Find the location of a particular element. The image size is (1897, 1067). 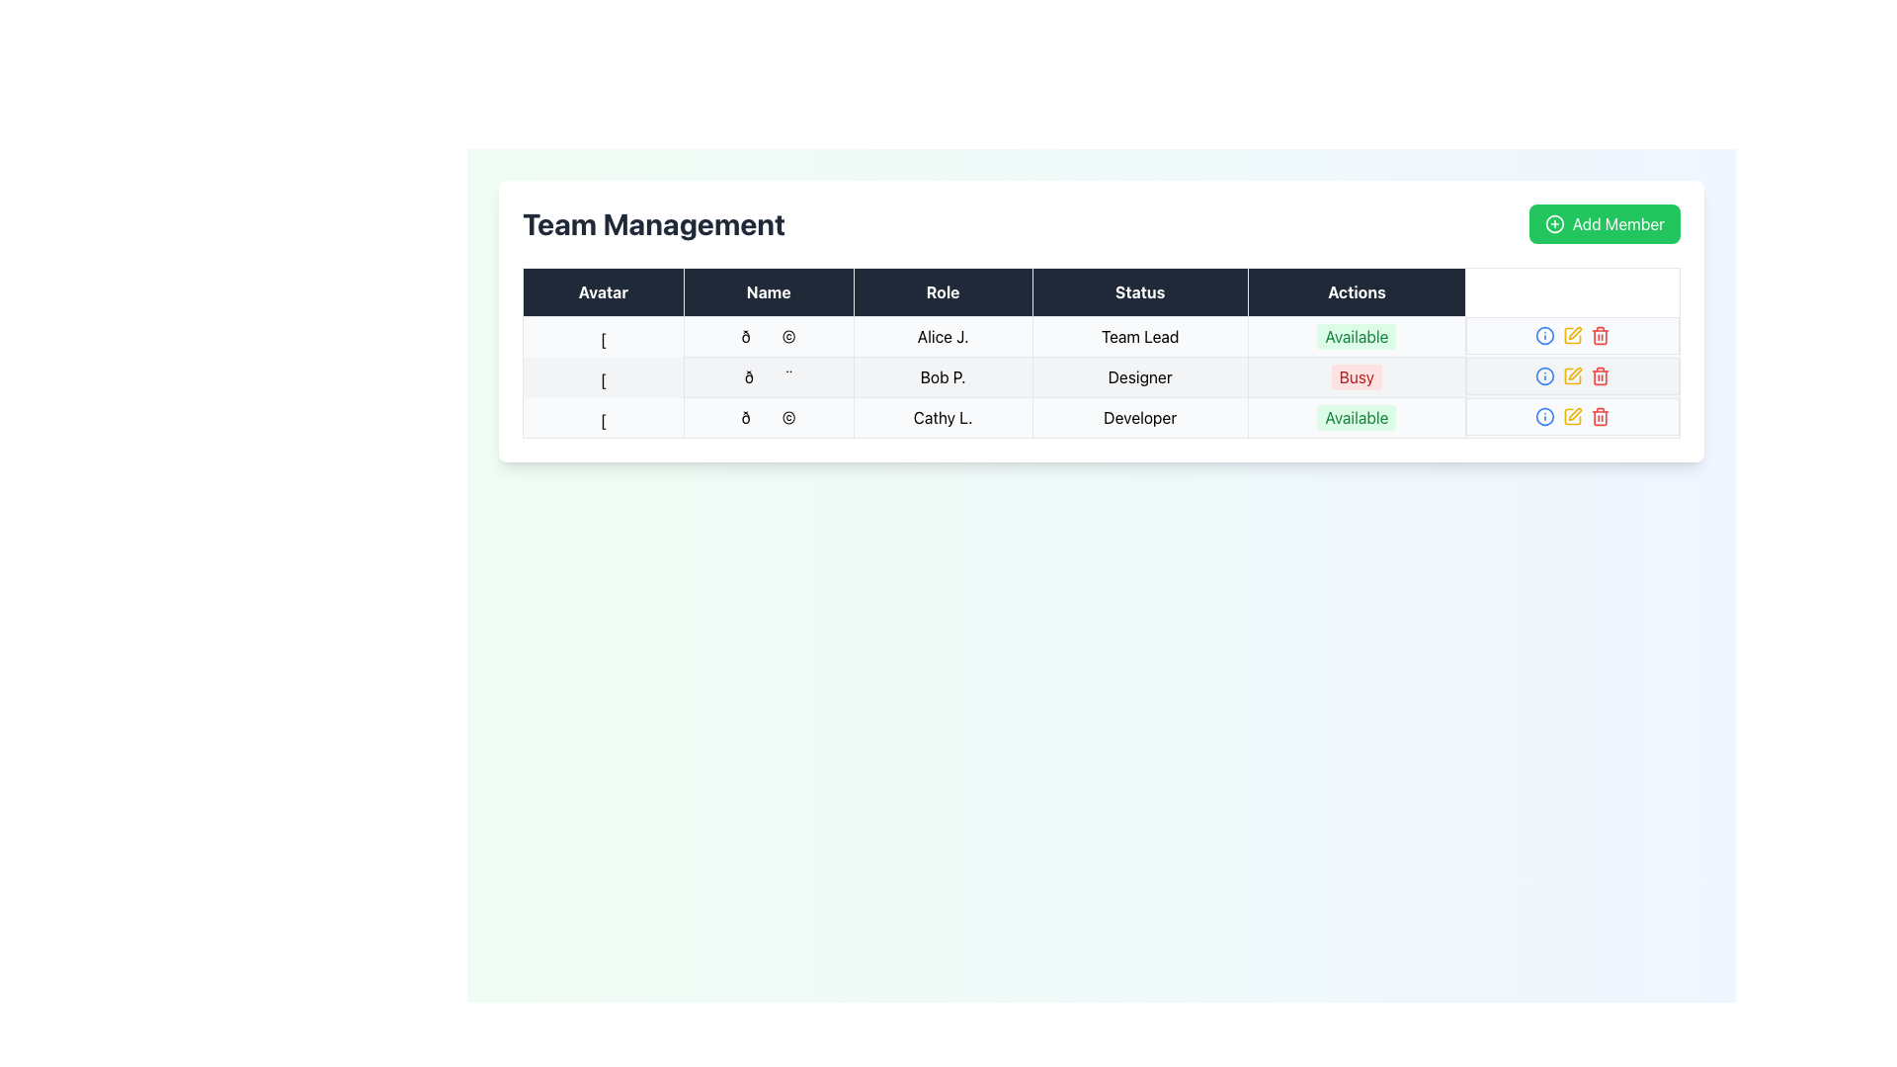

the square-shaped editing icon with a pen-like figure located in the 'Actions' column, second row of the table is located at coordinates (1572, 334).